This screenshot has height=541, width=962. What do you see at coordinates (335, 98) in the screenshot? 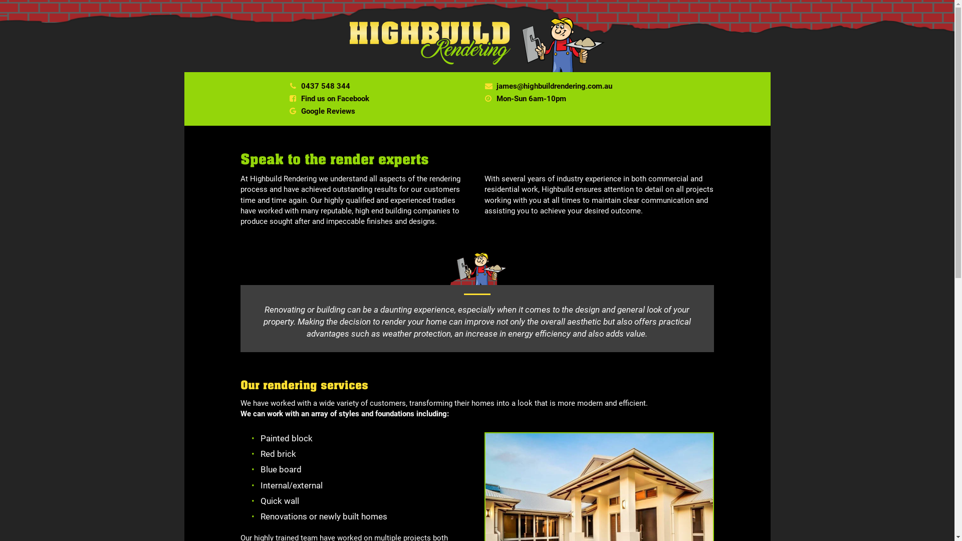
I see `'Find us on Facebook'` at bounding box center [335, 98].